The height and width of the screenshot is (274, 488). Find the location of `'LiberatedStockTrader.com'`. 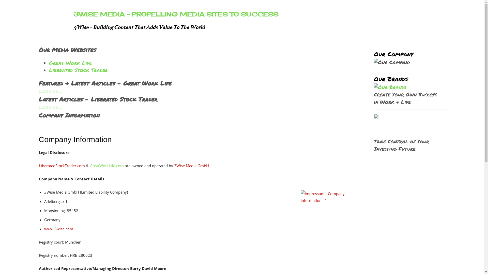

'LiberatedStockTrader.com' is located at coordinates (61, 165).